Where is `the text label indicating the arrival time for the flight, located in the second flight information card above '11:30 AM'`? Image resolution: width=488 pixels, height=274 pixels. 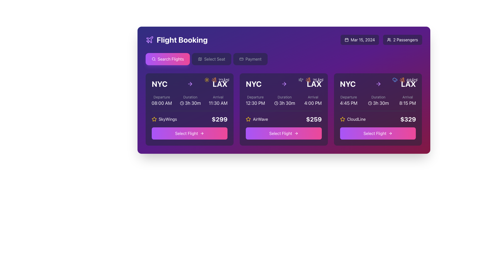 the text label indicating the arrival time for the flight, located in the second flight information card above '11:30 AM' is located at coordinates (218, 97).